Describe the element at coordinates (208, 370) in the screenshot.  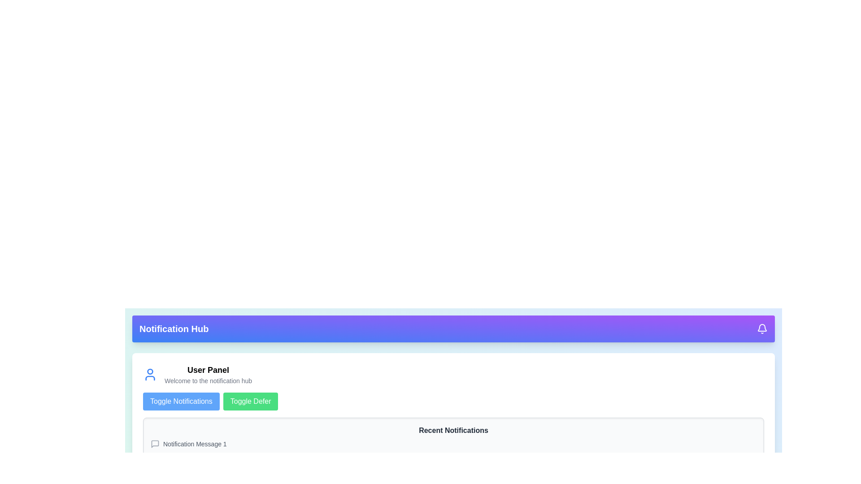
I see `the bold text label 'User Panel' located at the top left area of the section, which is visually distinct with its black color and large font` at that location.